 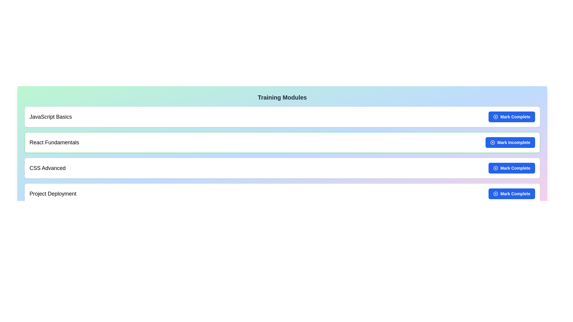 What do you see at coordinates (495, 168) in the screenshot?
I see `the blue circular icon with a white outline and '+' symbol, located to the left of the 'Mark Complete' text, to interact with the feature` at bounding box center [495, 168].